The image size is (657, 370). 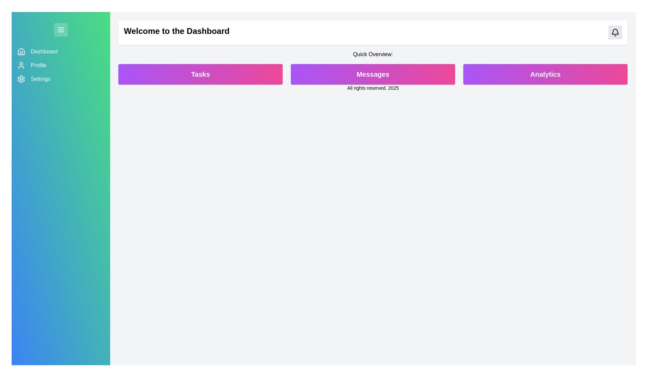 I want to click on the profile icon located in the second slot of the sidebar on the left side of the interface, which is positioned to the left of the text 'Profile' and above the 'Settings' section, so click(x=21, y=65).